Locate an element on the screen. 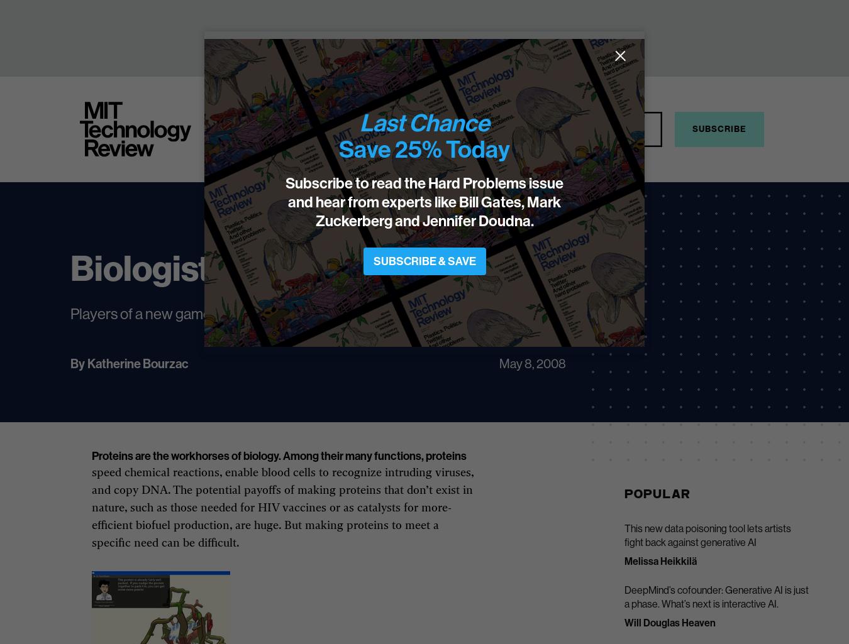 The image size is (849, 644). 'Subscribe' is located at coordinates (718, 129).